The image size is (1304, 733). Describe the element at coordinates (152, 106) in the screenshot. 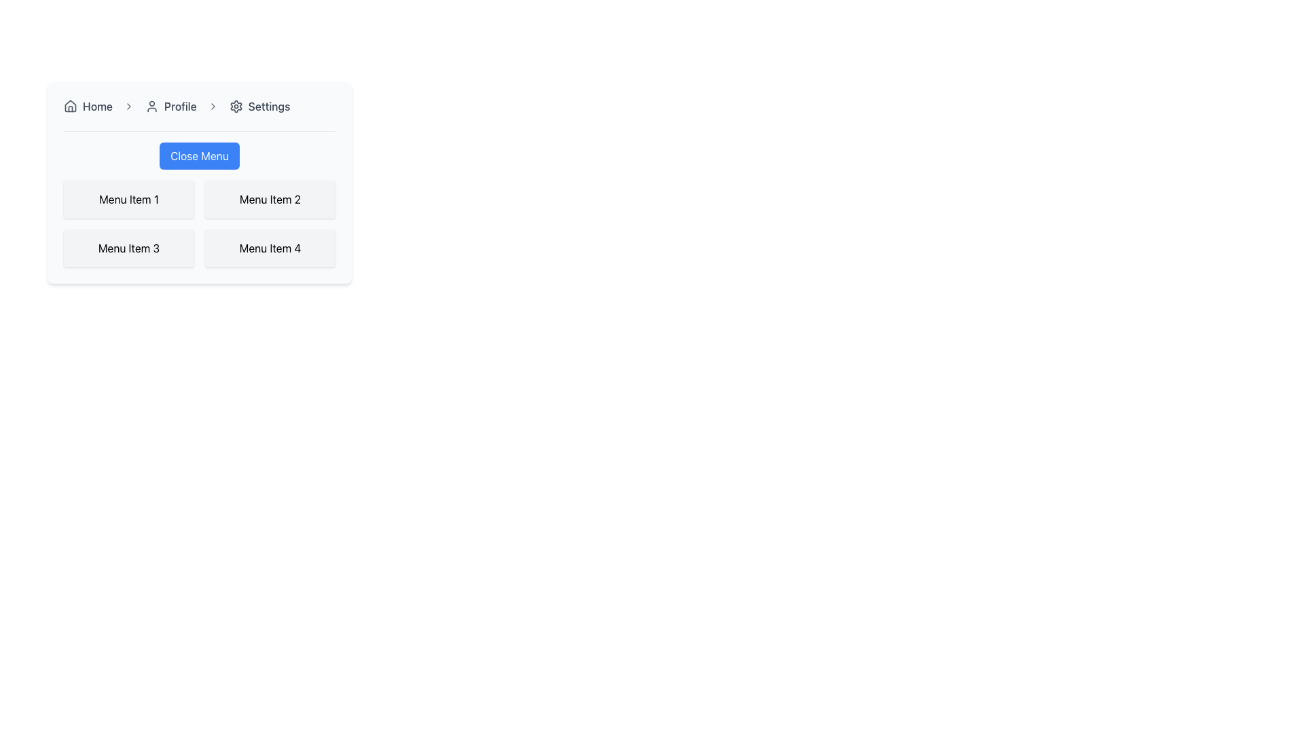

I see `the user profile icon, which is a minimalistic outline with a circular head and round-shouldered body, located in the navigation bar to the left of the 'Profile' label` at that location.